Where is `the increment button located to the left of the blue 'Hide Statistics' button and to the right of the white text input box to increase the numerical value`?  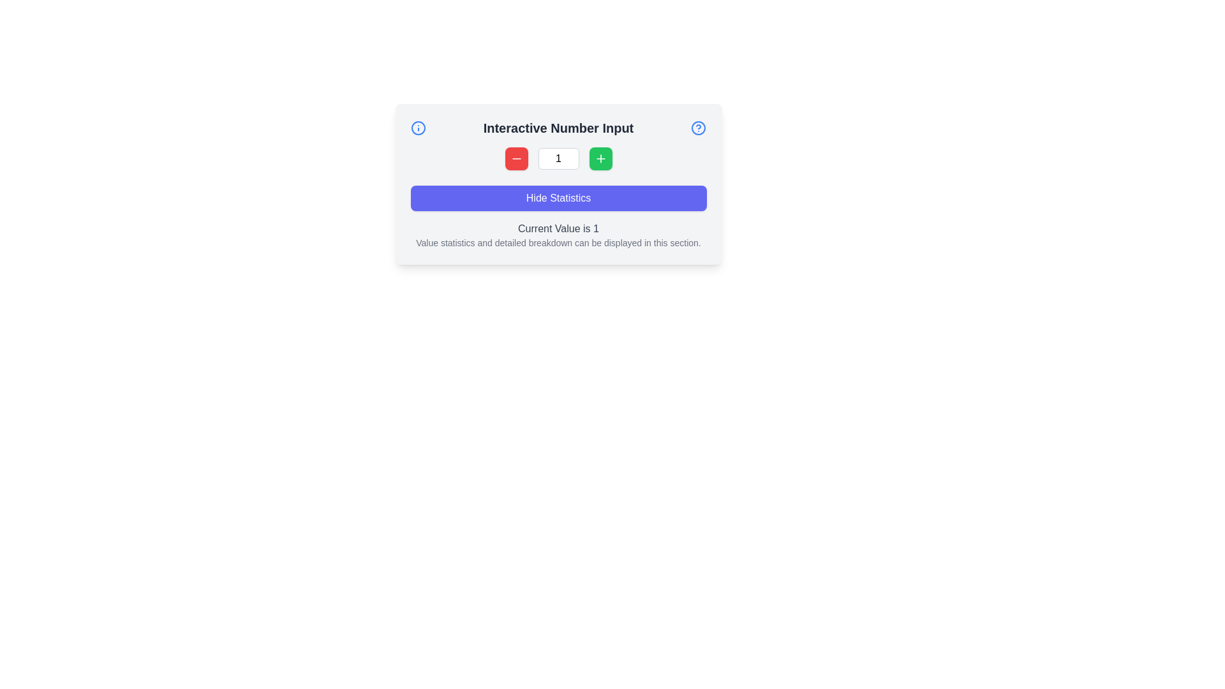
the increment button located to the left of the blue 'Hide Statistics' button and to the right of the white text input box to increase the numerical value is located at coordinates (600, 158).